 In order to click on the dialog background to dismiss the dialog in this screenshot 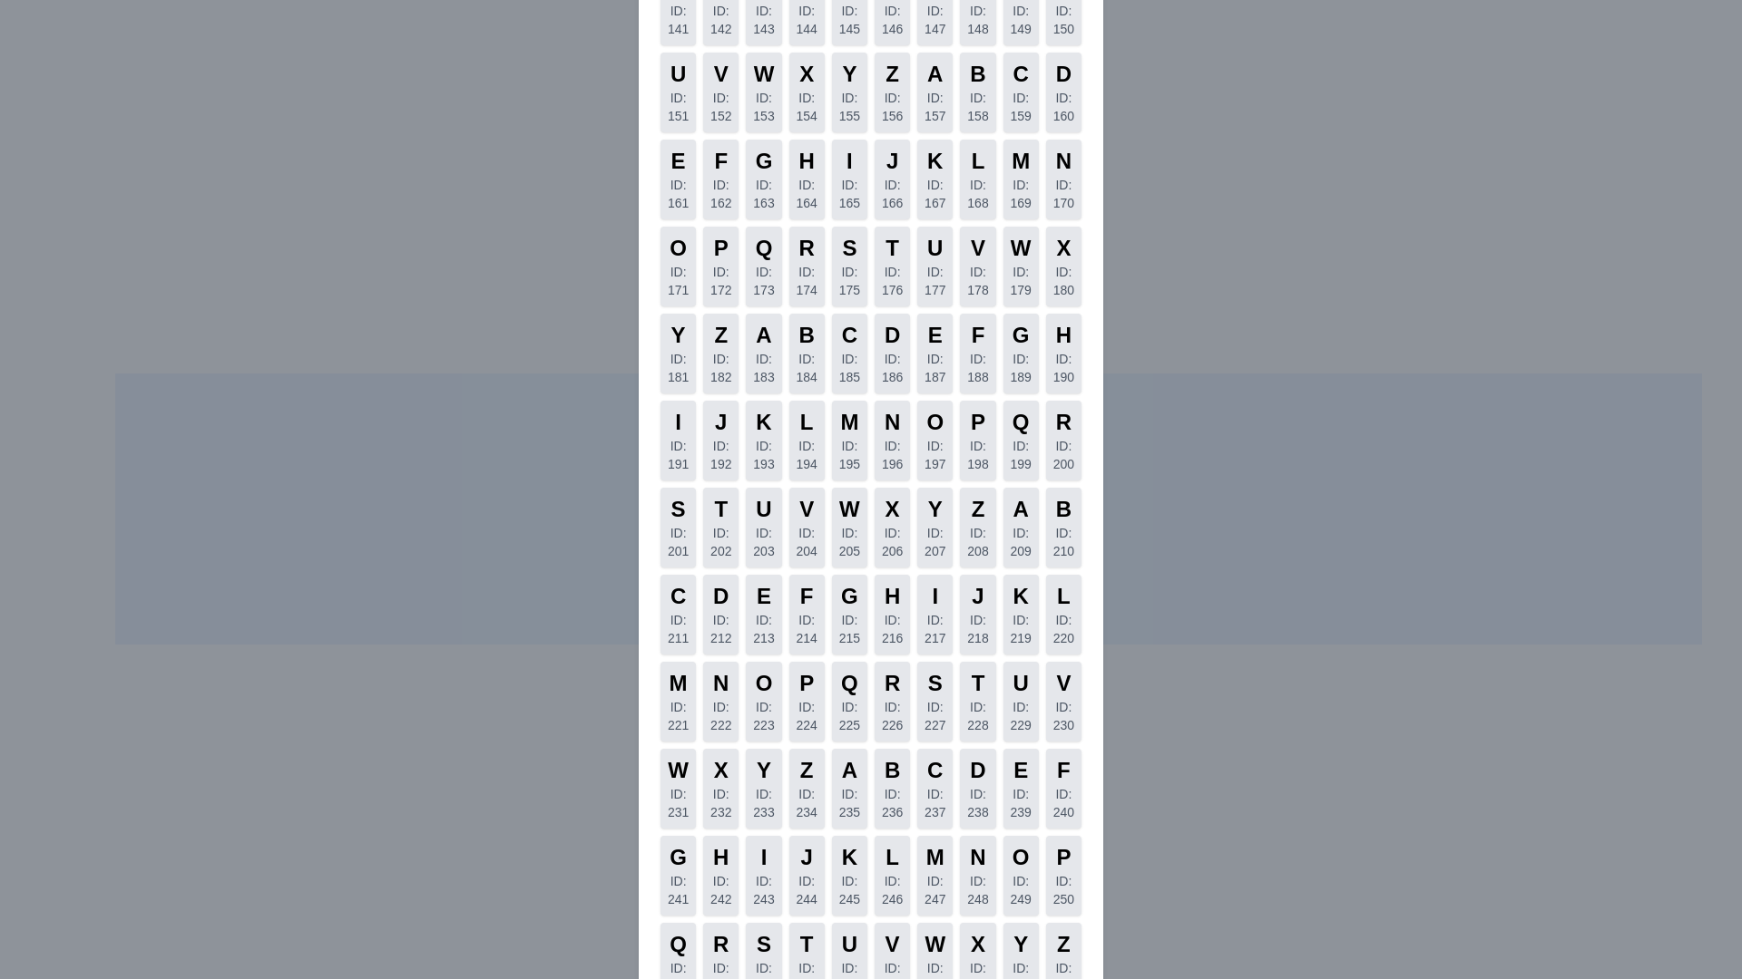, I will do `click(871, 489)`.